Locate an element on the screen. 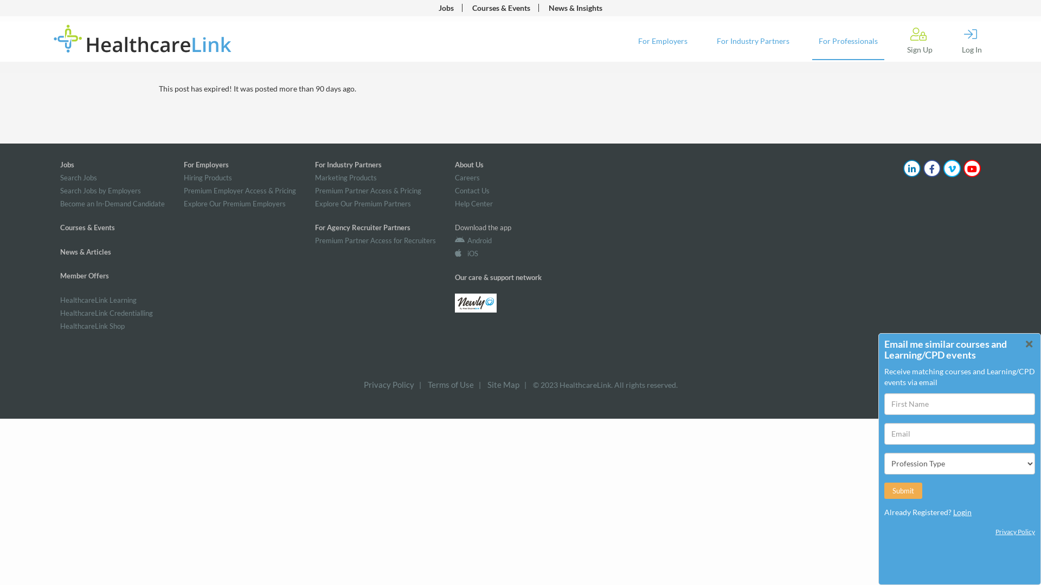 This screenshot has height=585, width=1041. 'For Industry Partners' is located at coordinates (314, 165).